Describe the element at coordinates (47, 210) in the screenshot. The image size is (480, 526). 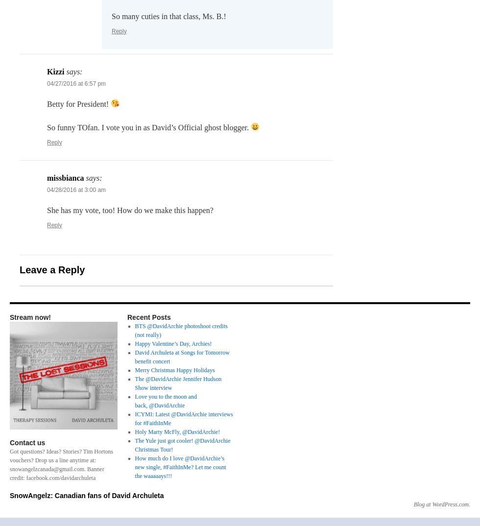
I see `'She has my vote, too! How do we make this happen?'` at that location.